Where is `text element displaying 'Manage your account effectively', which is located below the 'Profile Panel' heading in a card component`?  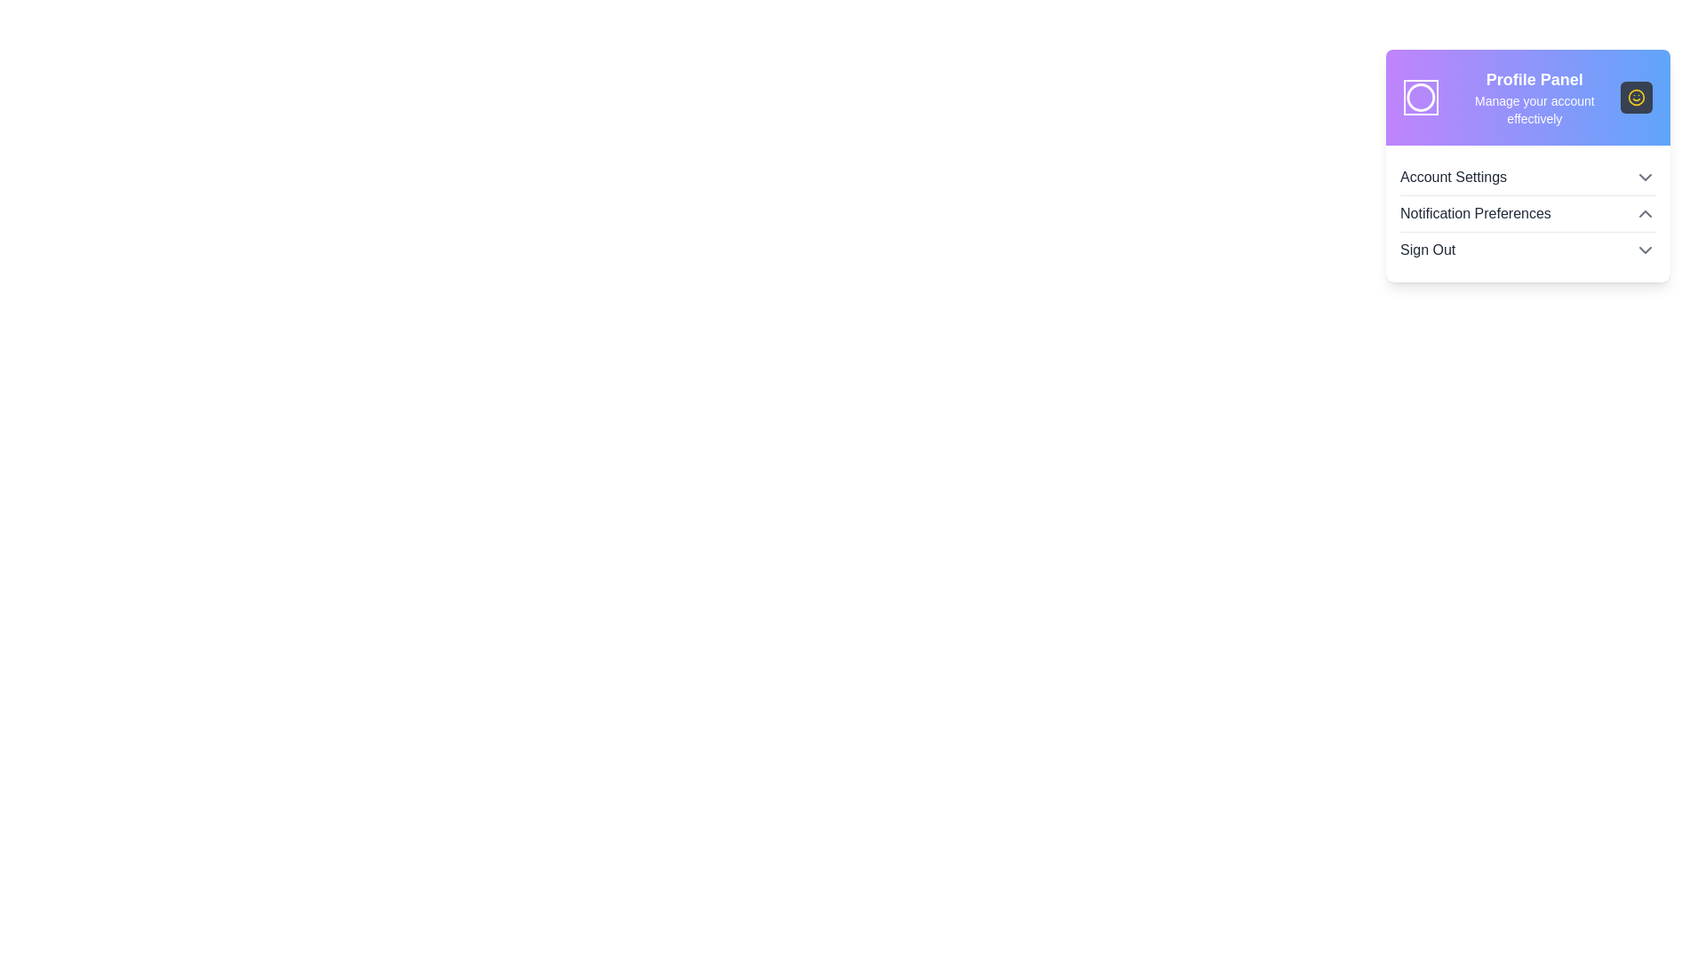 text element displaying 'Manage your account effectively', which is located below the 'Profile Panel' heading in a card component is located at coordinates (1534, 109).